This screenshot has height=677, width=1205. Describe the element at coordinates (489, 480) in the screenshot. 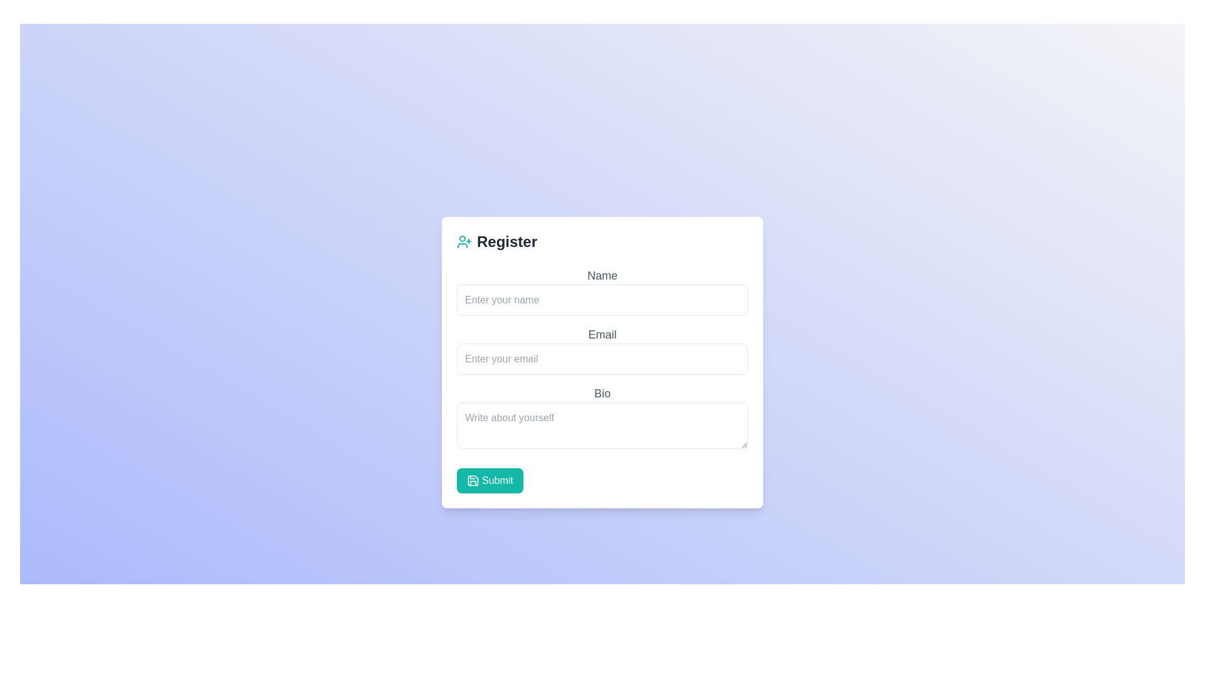

I see `the 'Submit' button located at the bottom of the 'Register' section` at that location.